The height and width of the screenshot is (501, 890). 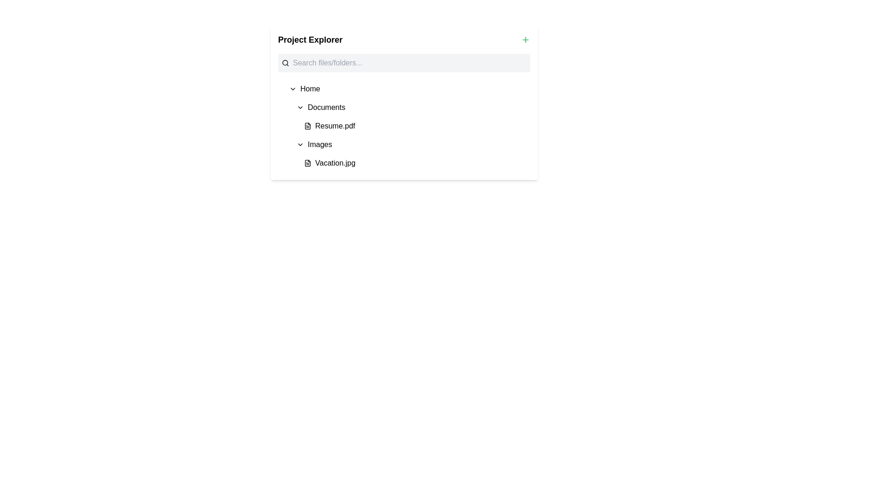 I want to click on the items in the Collapsible hierarchical list in the 'Project Explorer' section, so click(x=407, y=135).